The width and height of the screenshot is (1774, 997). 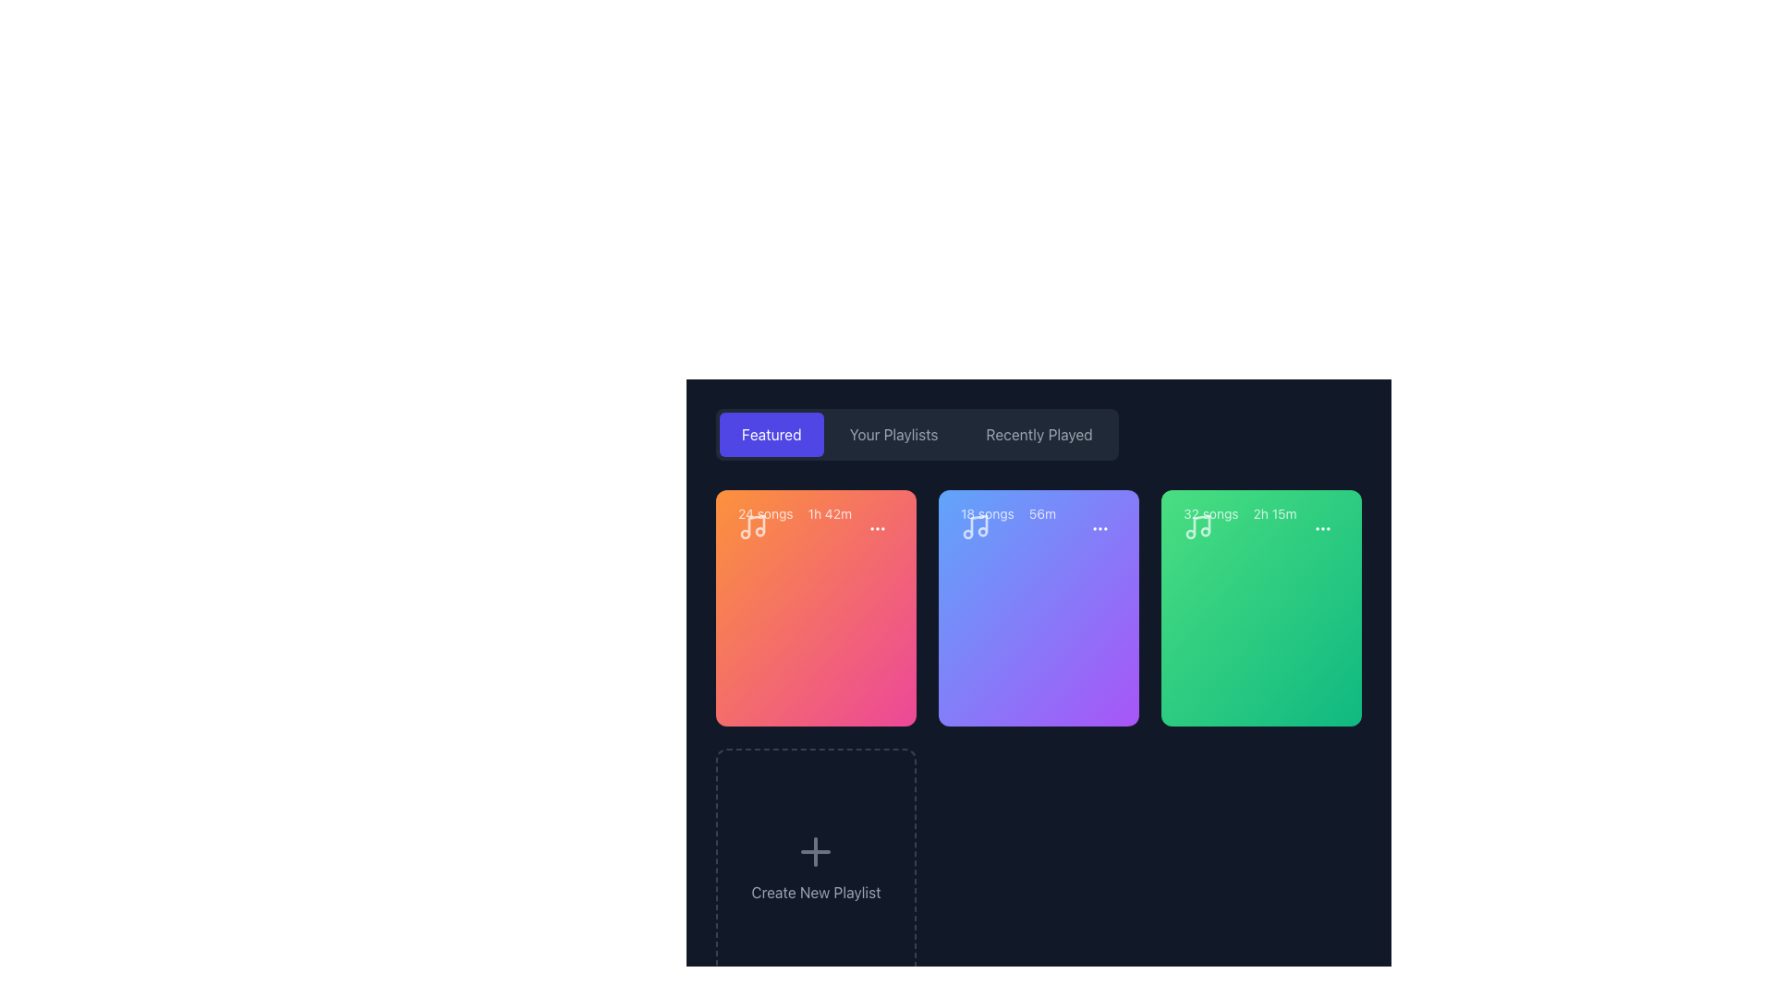 I want to click on the white musical note icon located within the vibrant orange-pink gradient tile, which is the leftmost item in a horizontal set of tiles, so click(x=753, y=526).